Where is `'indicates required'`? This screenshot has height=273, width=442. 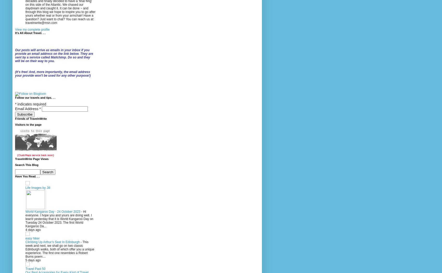
'indicates required' is located at coordinates (31, 104).